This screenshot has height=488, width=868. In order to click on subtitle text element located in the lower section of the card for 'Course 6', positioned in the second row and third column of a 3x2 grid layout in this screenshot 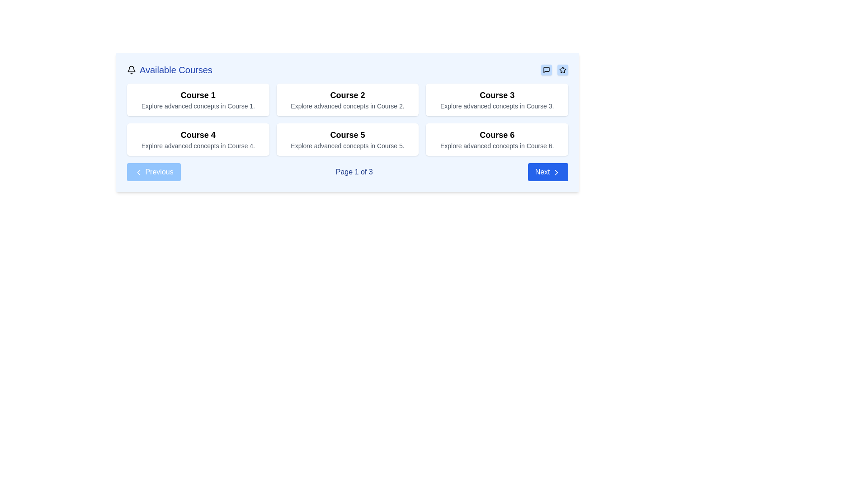, I will do `click(496, 145)`.